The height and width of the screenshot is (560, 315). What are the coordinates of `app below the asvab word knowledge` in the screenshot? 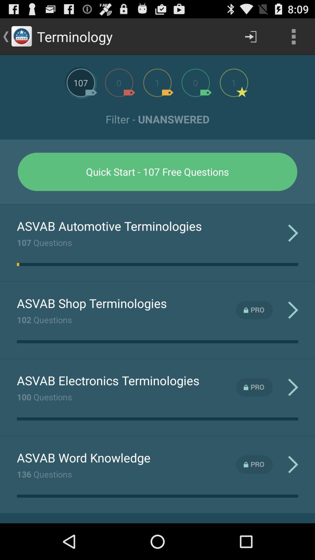 It's located at (44, 474).